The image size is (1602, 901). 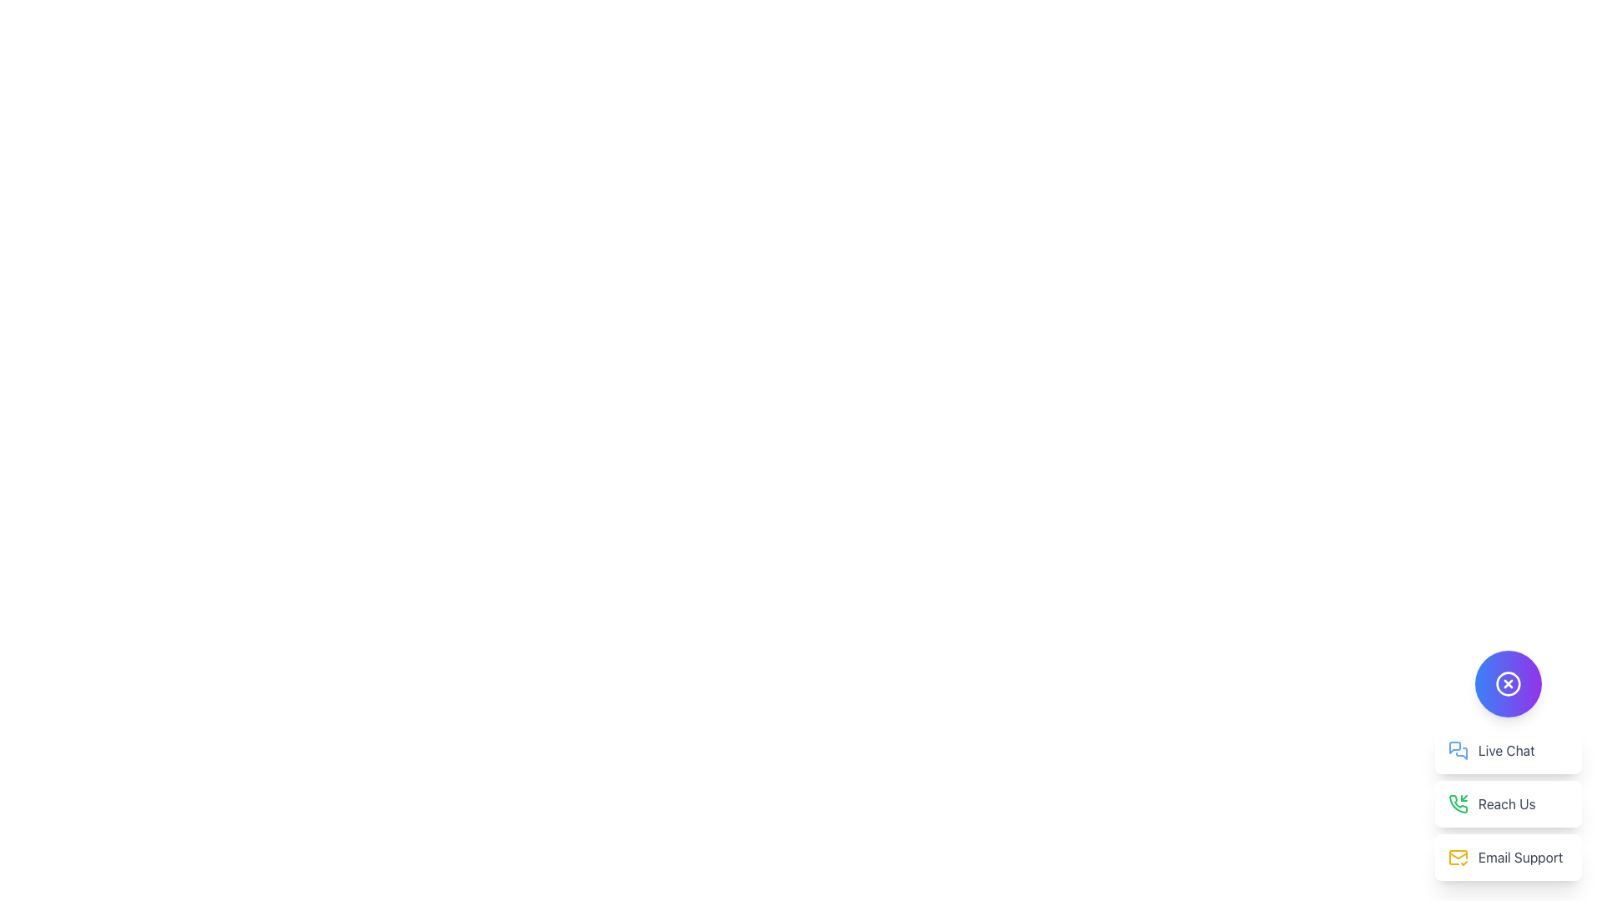 I want to click on the yellow mail envelope icon with a checkmark located on the 'Email Support' card, which is the third card in a vertical stack in the bottom-right corner of the interface, so click(x=1457, y=858).